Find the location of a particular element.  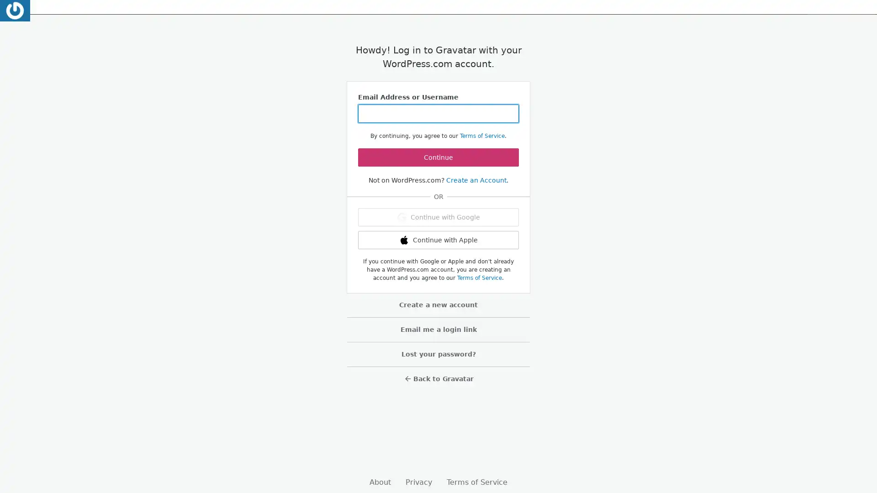

Continue is located at coordinates (438, 157).